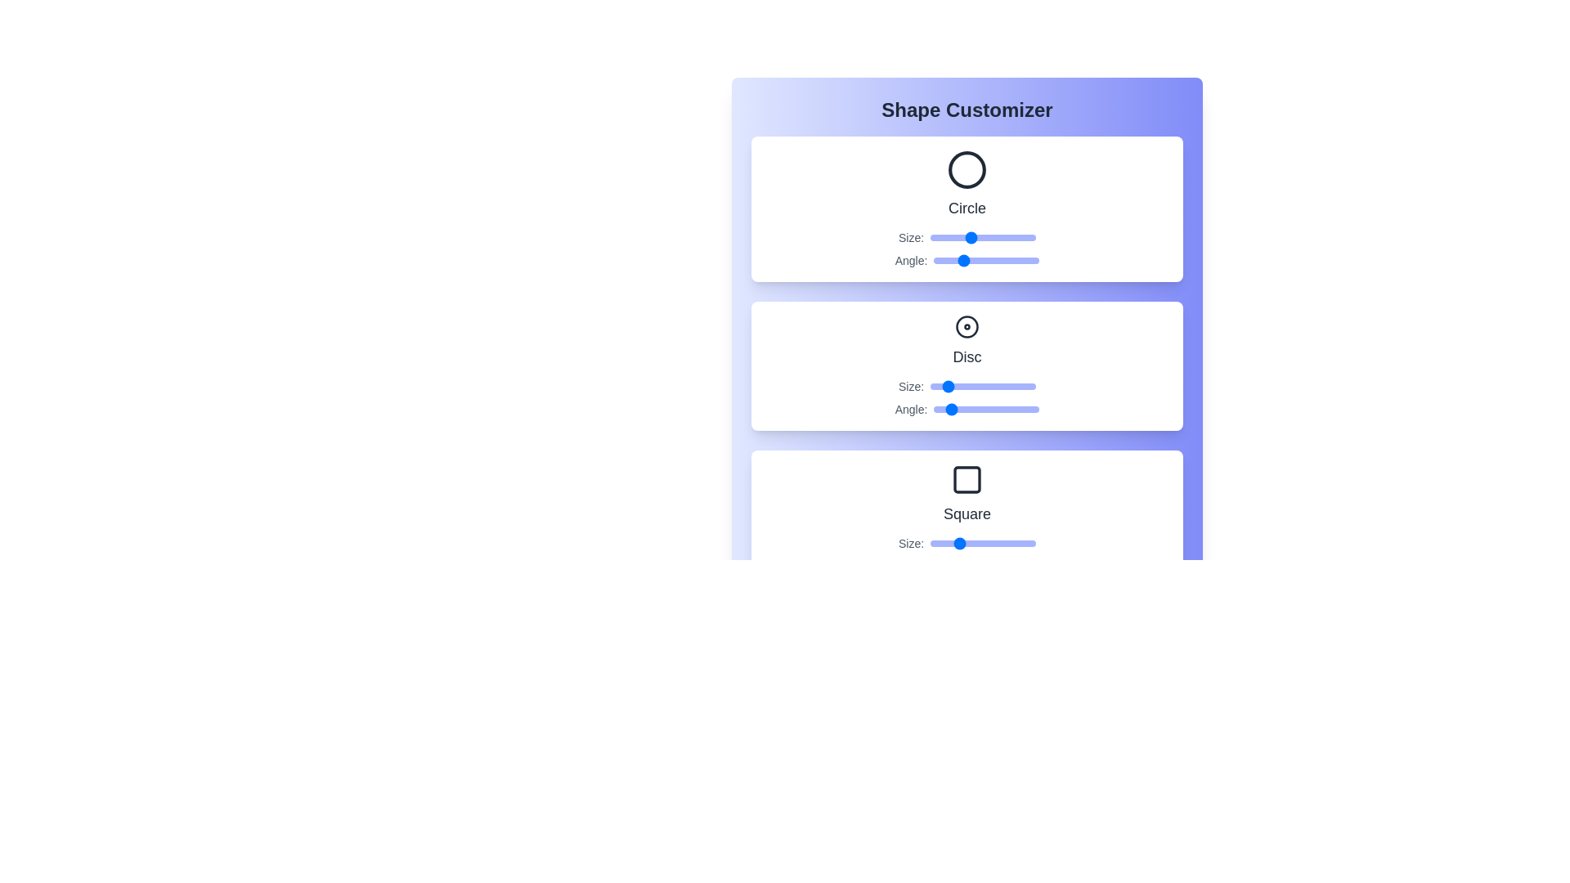 This screenshot has width=1570, height=883. What do you see at coordinates (967, 327) in the screenshot?
I see `the icon of the shape Disc` at bounding box center [967, 327].